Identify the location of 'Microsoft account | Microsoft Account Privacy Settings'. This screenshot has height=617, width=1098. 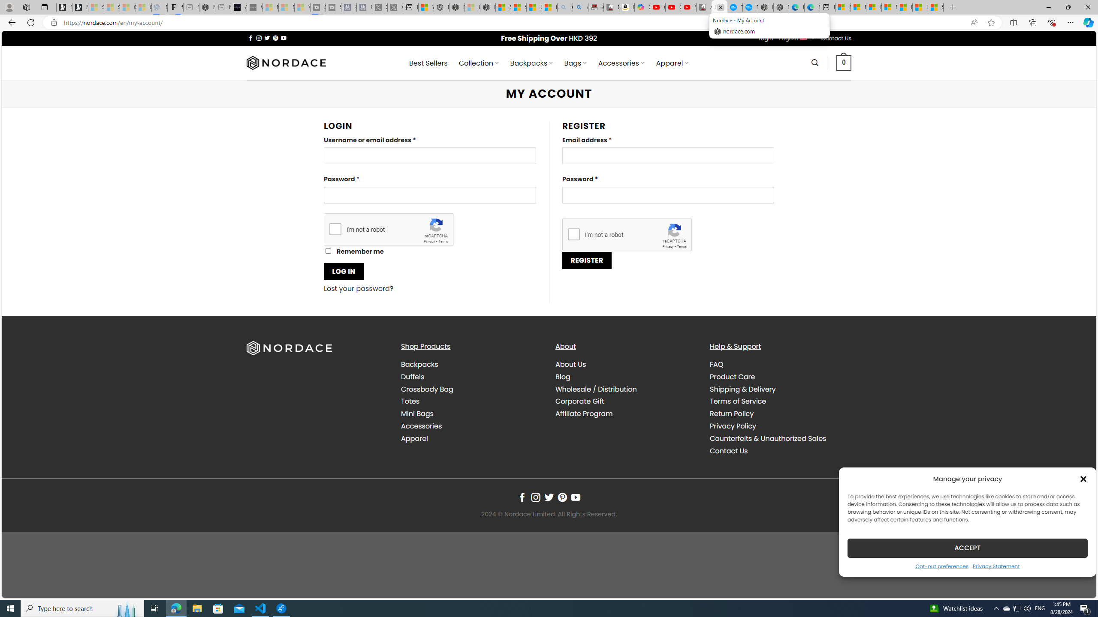
(858, 7).